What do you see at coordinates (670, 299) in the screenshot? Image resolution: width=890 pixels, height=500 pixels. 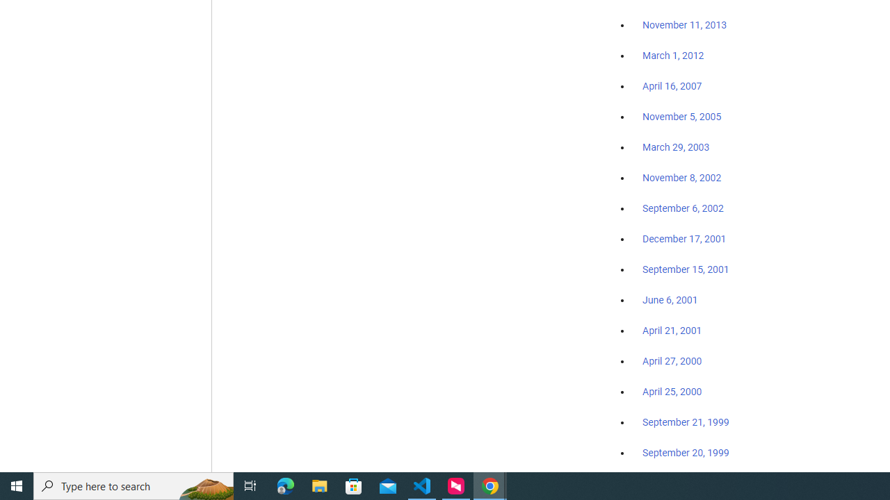 I see `'June 6, 2001'` at bounding box center [670, 299].